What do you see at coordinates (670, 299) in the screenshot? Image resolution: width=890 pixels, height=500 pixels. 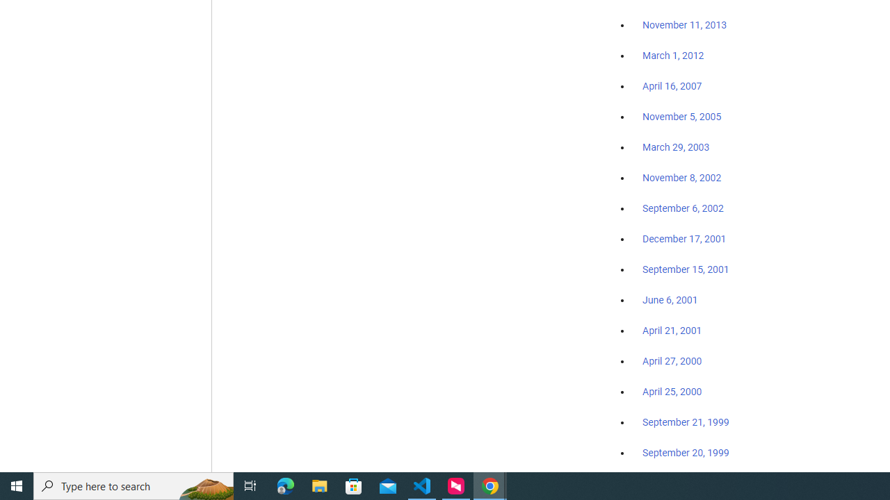 I see `'June 6, 2001'` at bounding box center [670, 299].